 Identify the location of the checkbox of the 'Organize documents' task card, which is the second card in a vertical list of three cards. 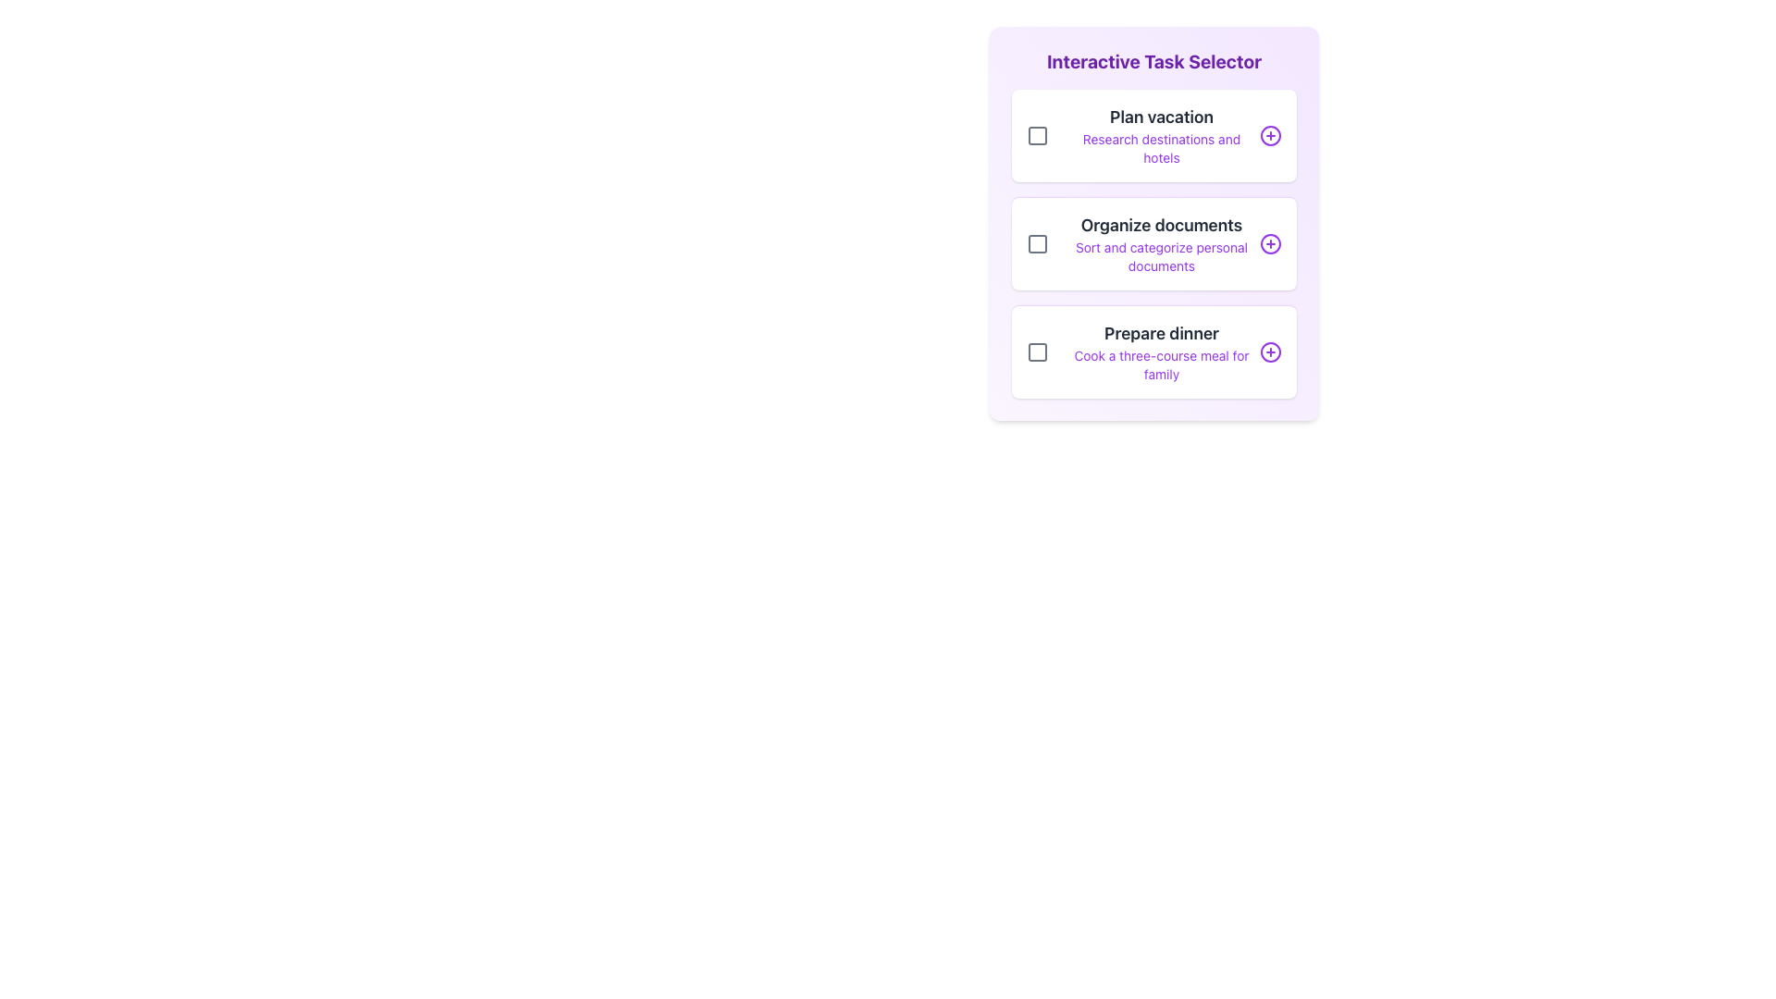
(1153, 241).